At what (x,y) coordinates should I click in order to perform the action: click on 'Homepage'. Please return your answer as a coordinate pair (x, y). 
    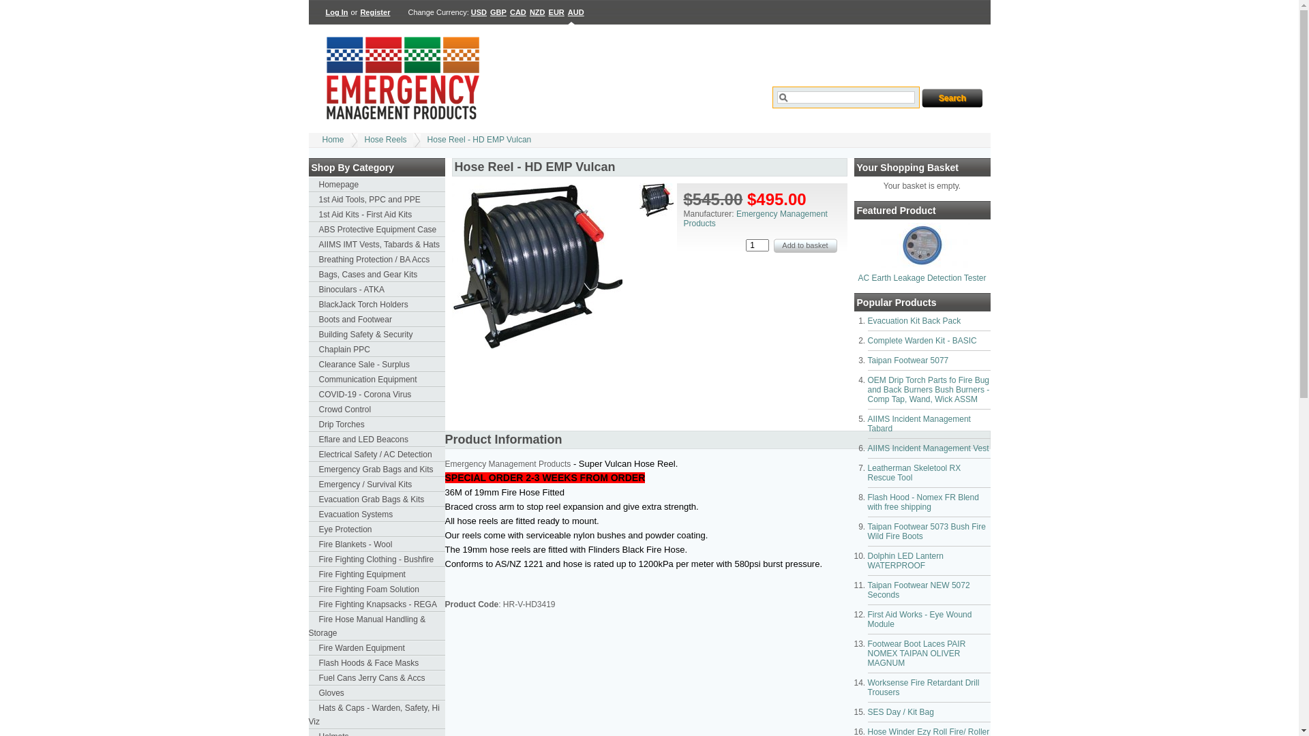
    Looking at the image, I should click on (376, 184).